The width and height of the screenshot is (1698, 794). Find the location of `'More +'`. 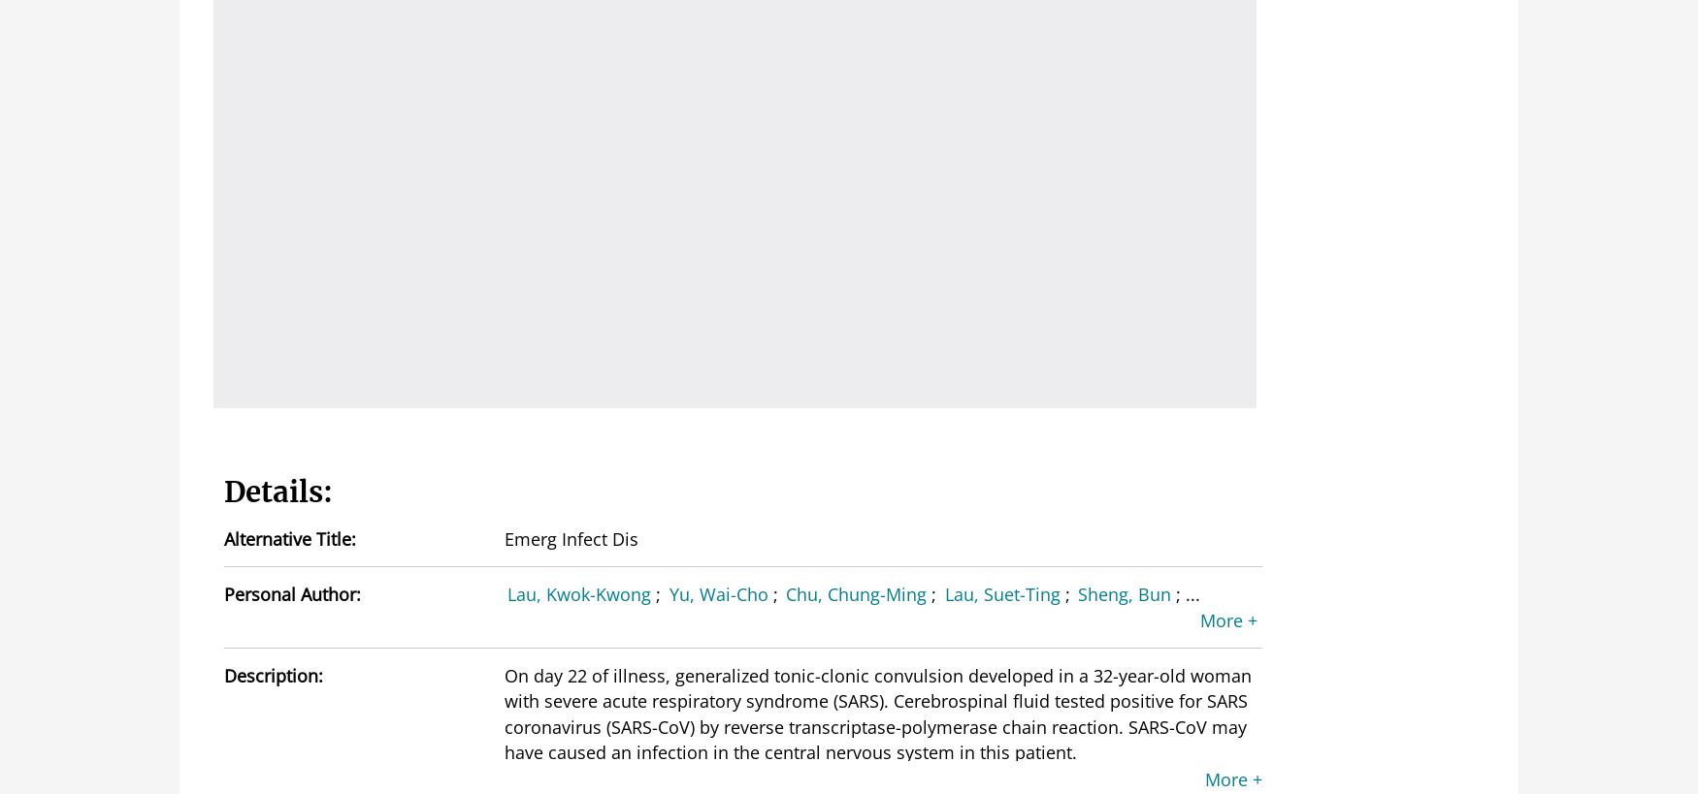

'More +' is located at coordinates (1227, 618).